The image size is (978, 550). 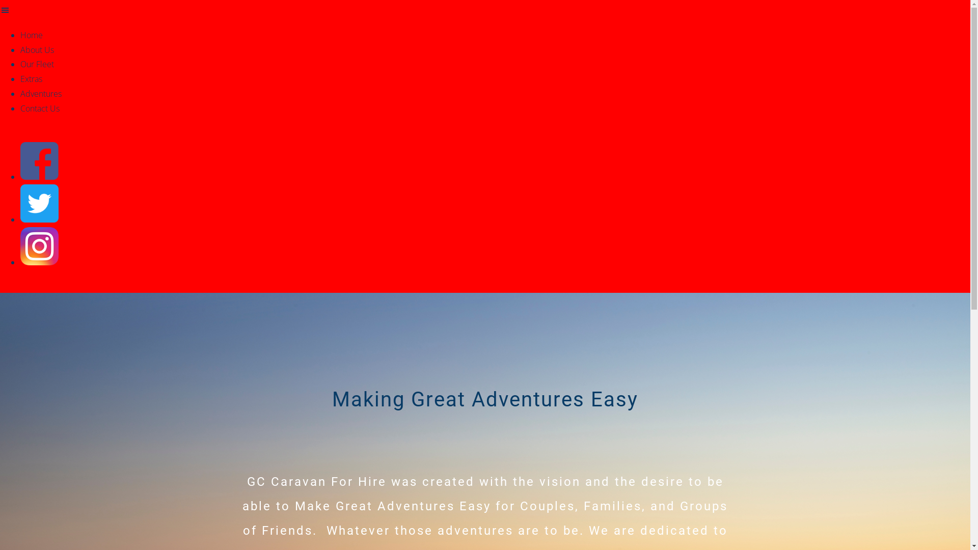 I want to click on 'Follow Us on Facebook', so click(x=39, y=176).